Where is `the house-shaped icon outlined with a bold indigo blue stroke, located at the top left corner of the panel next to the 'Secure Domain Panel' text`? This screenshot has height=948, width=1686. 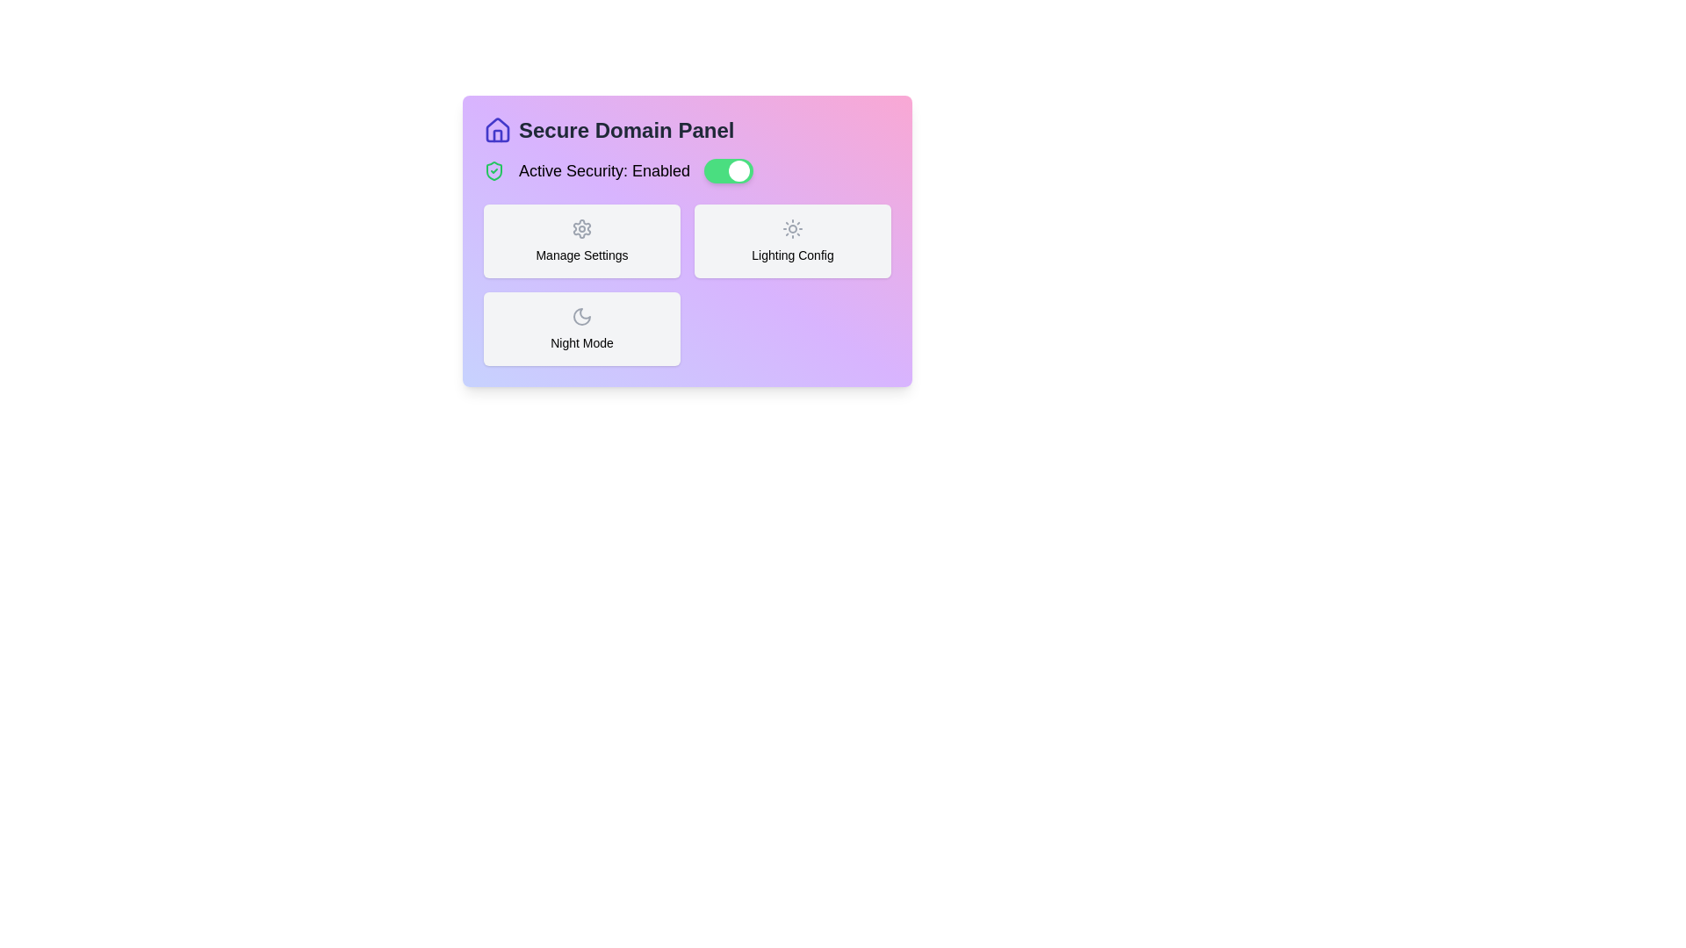 the house-shaped icon outlined with a bold indigo blue stroke, located at the top left corner of the panel next to the 'Secure Domain Panel' text is located at coordinates (496, 130).